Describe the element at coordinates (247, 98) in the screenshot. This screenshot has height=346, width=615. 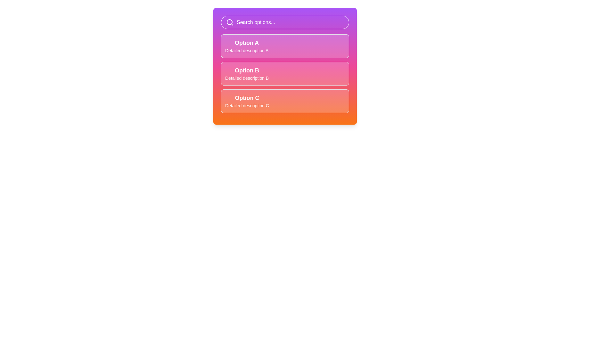
I see `the 'Option C.' text label styled as a header` at that location.